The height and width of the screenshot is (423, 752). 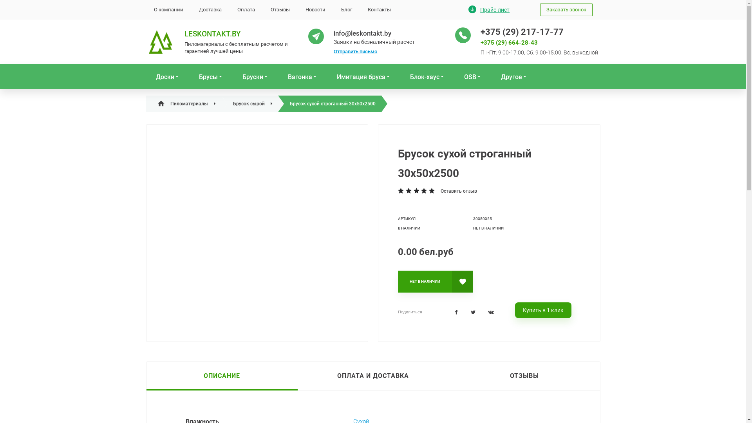 I want to click on 'OSB', so click(x=458, y=77).